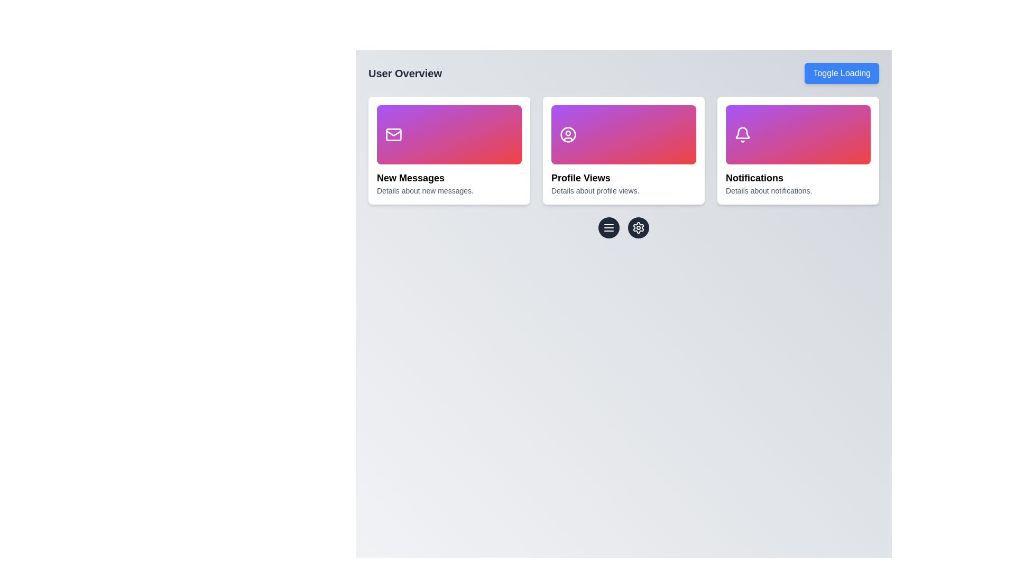  Describe the element at coordinates (568, 134) in the screenshot. I see `the innermost circular shape of the user profile icon located in the 'Profile Views' card, which is the second card from the left` at that location.